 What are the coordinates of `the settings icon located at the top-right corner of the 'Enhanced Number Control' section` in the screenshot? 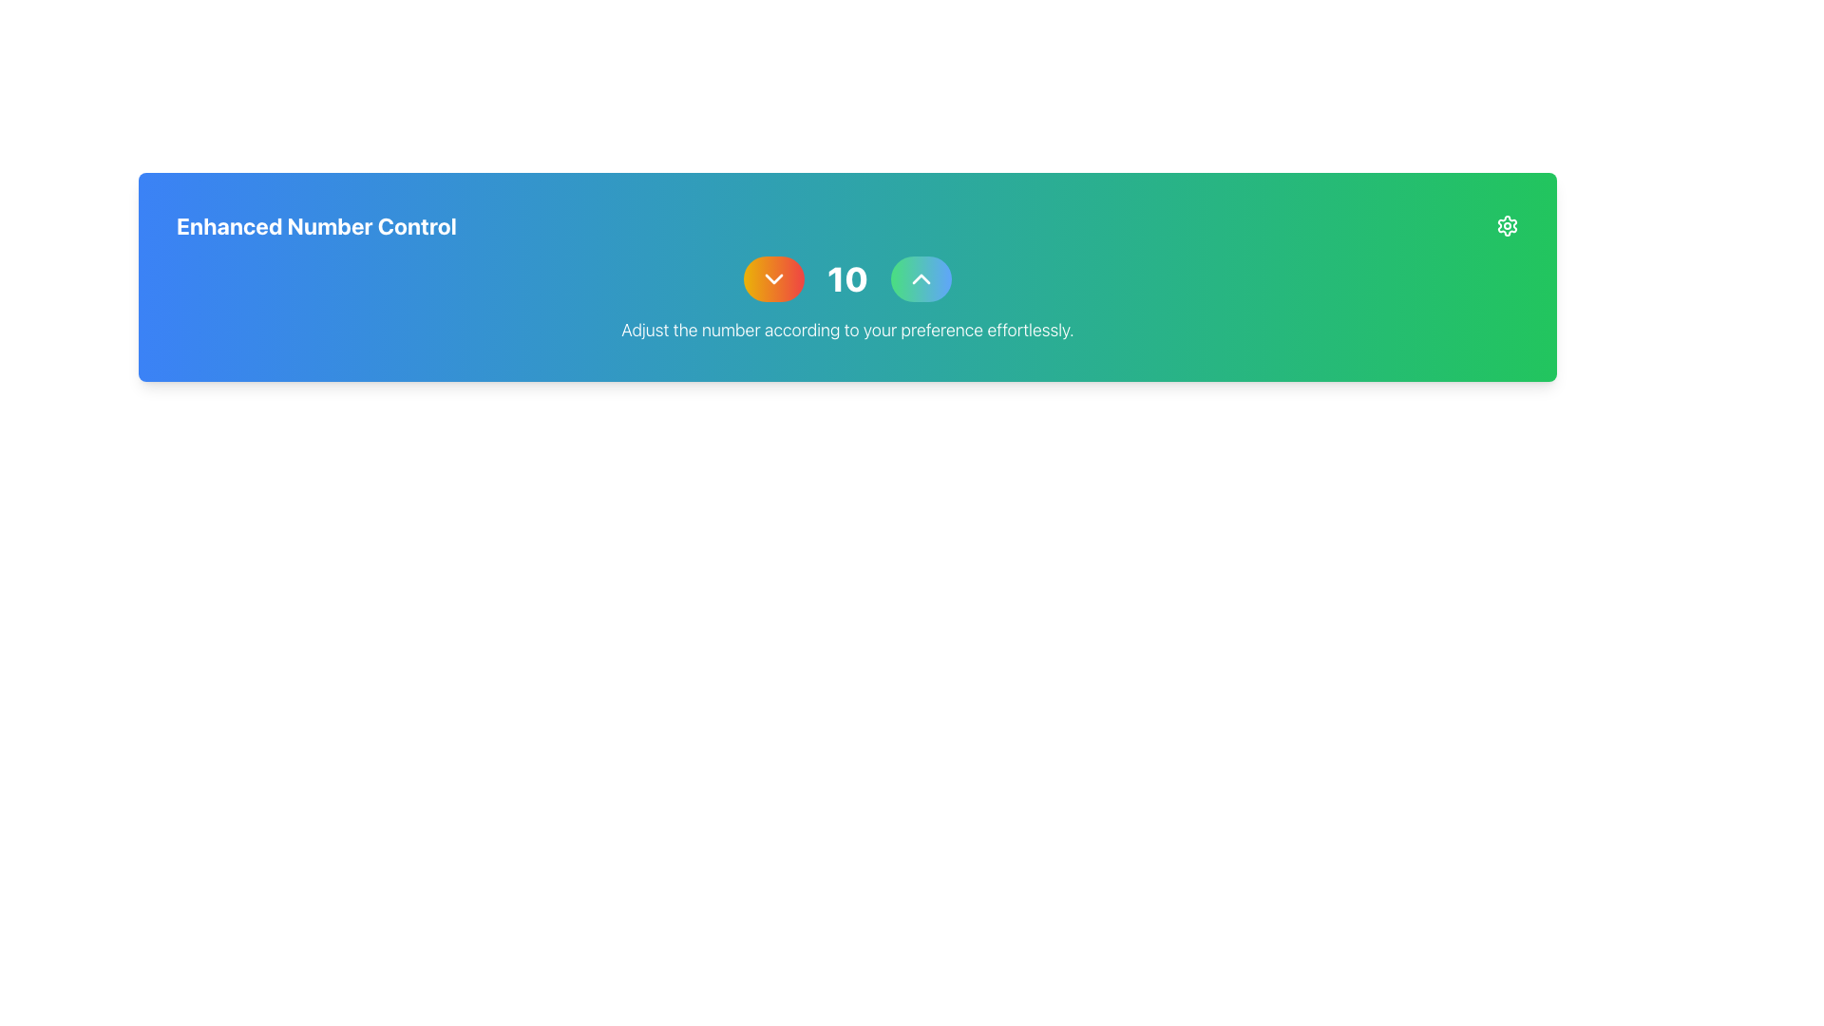 It's located at (1507, 225).